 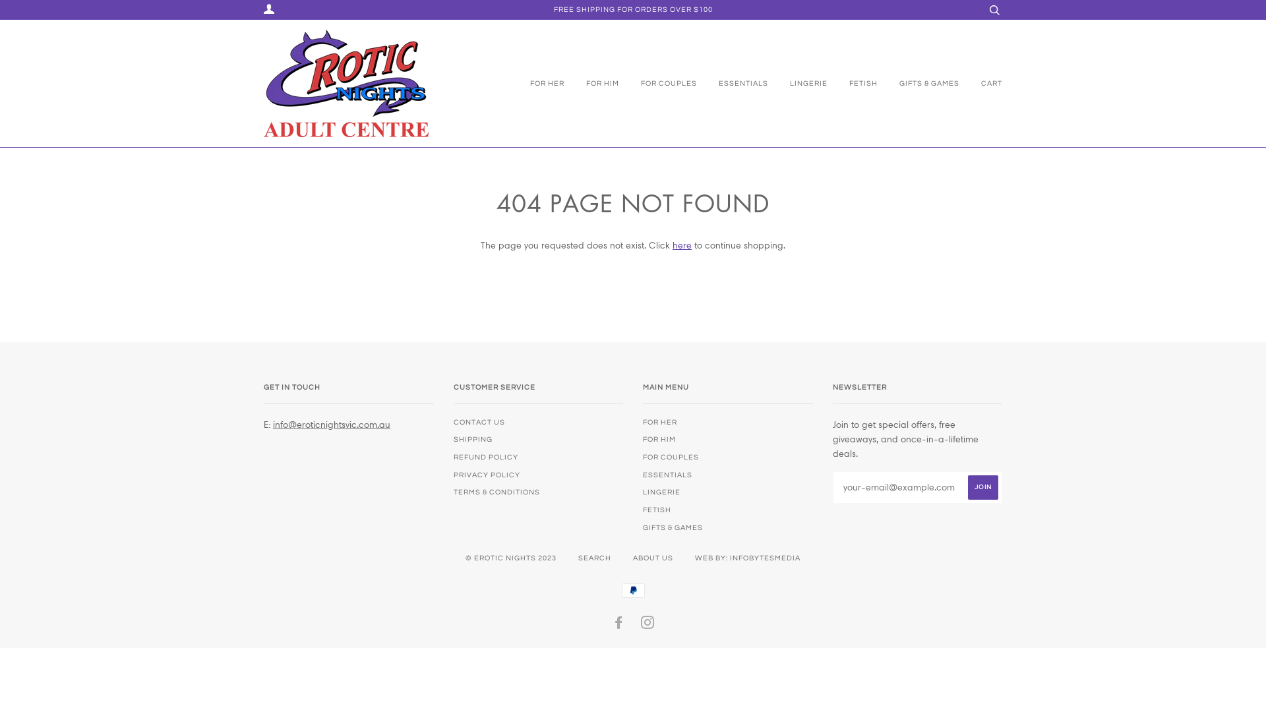 What do you see at coordinates (591, 84) in the screenshot?
I see `'FOR HIM'` at bounding box center [591, 84].